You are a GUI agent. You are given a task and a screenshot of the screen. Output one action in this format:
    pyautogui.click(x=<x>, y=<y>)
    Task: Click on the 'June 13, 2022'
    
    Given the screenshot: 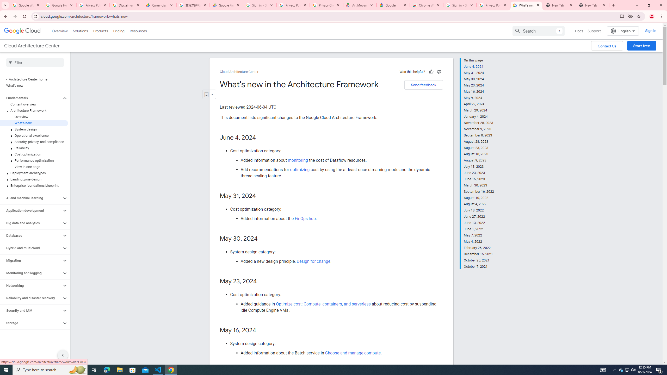 What is the action you would take?
    pyautogui.click(x=479, y=223)
    